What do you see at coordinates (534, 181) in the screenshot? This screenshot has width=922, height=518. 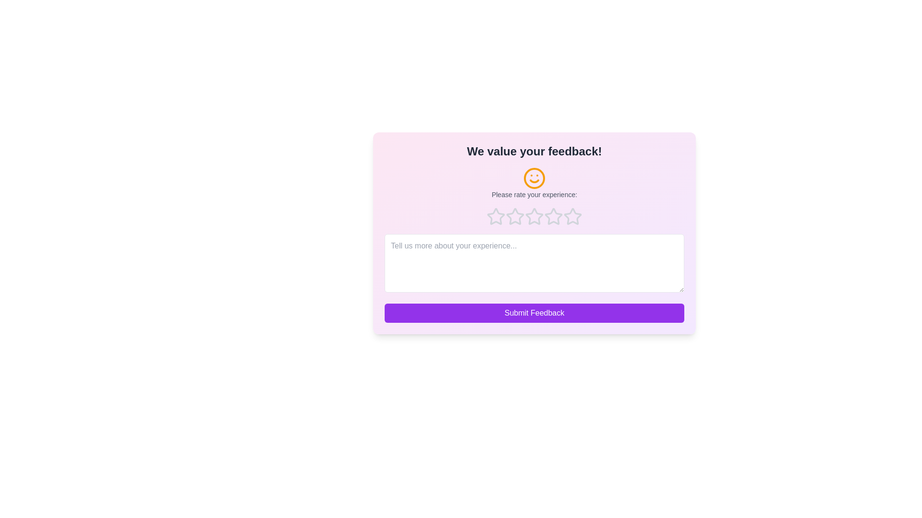 I see `the decorative graphical element that represents a curved smile within the smiley face, located in the lower half of the graphic` at bounding box center [534, 181].